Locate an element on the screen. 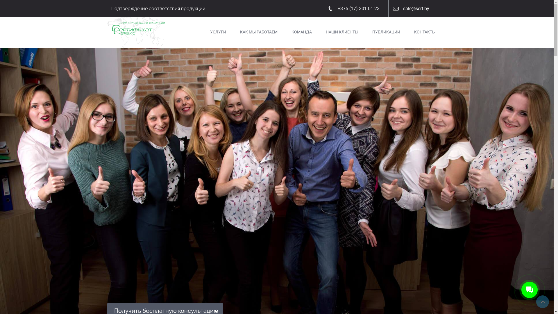  '+375 (17) 301 01 23' is located at coordinates (355, 8).